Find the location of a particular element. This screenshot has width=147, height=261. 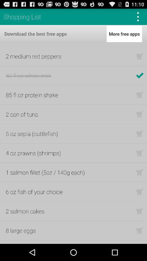

2 salmon cakes item is located at coordinates (25, 211).